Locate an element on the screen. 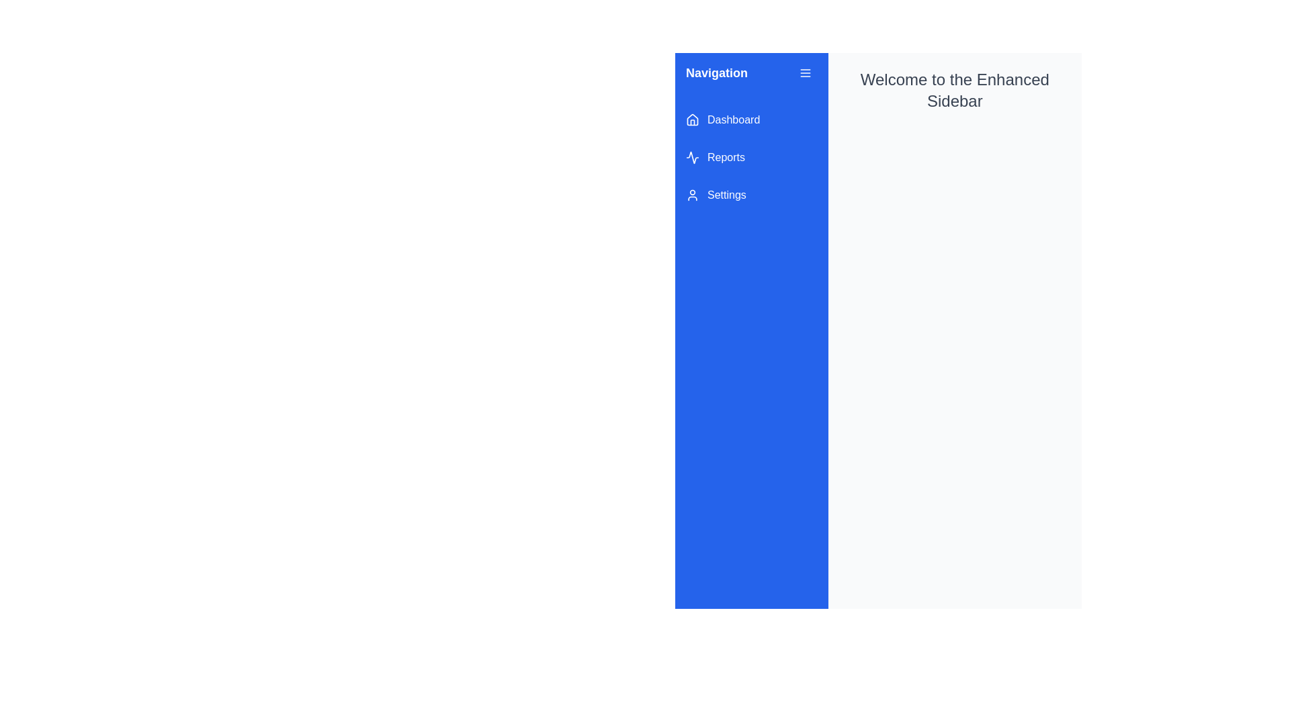  the activity-related icon in the vertical navigation menu is located at coordinates (693, 157).